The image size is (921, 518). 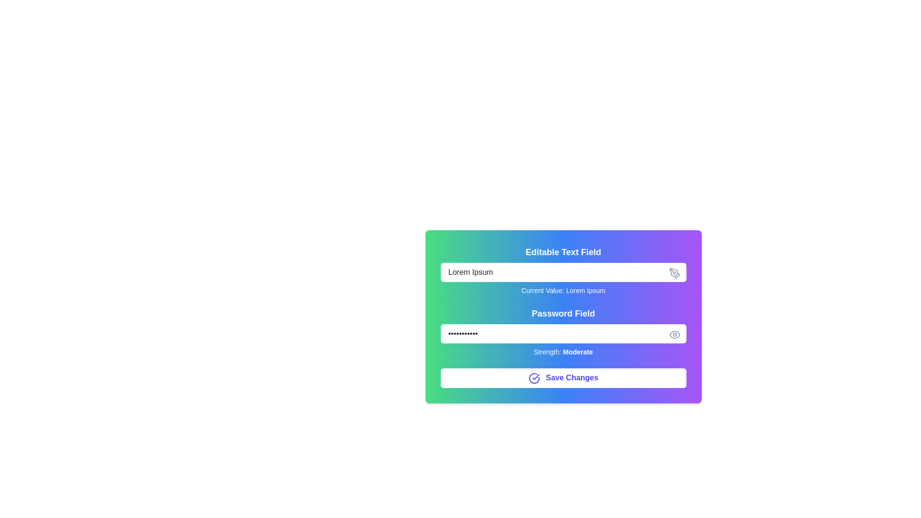 What do you see at coordinates (577, 352) in the screenshot?
I see `the informational text label indicating password strength, which displays 'Moderate', located to the right of the label 'Strength:'` at bounding box center [577, 352].